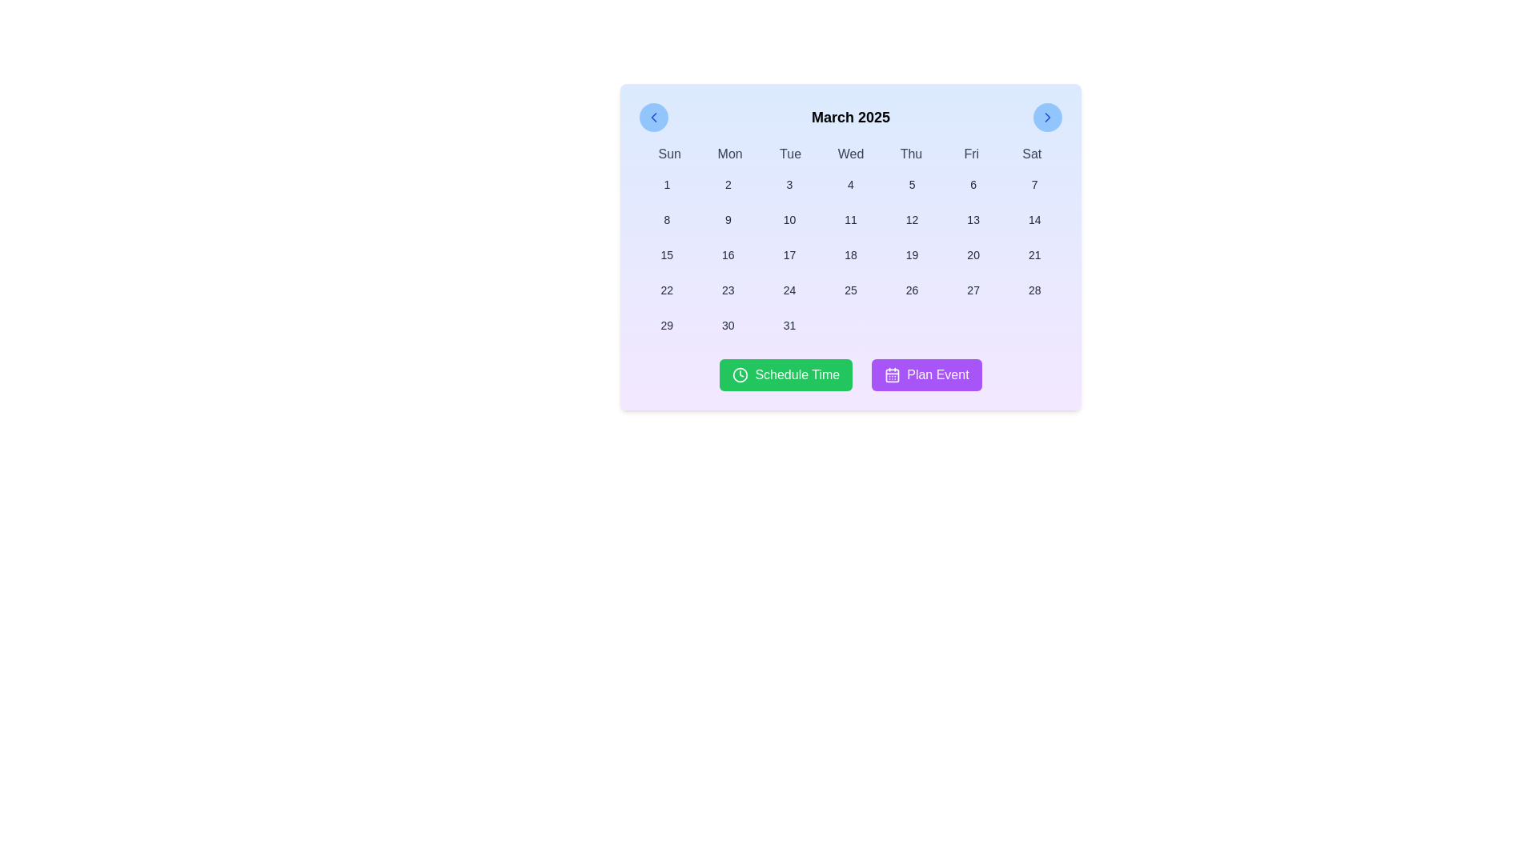  What do you see at coordinates (1048, 116) in the screenshot?
I see `the right-pointing chevron icon styled within a circular button located in the top-right corner of the calendar component` at bounding box center [1048, 116].